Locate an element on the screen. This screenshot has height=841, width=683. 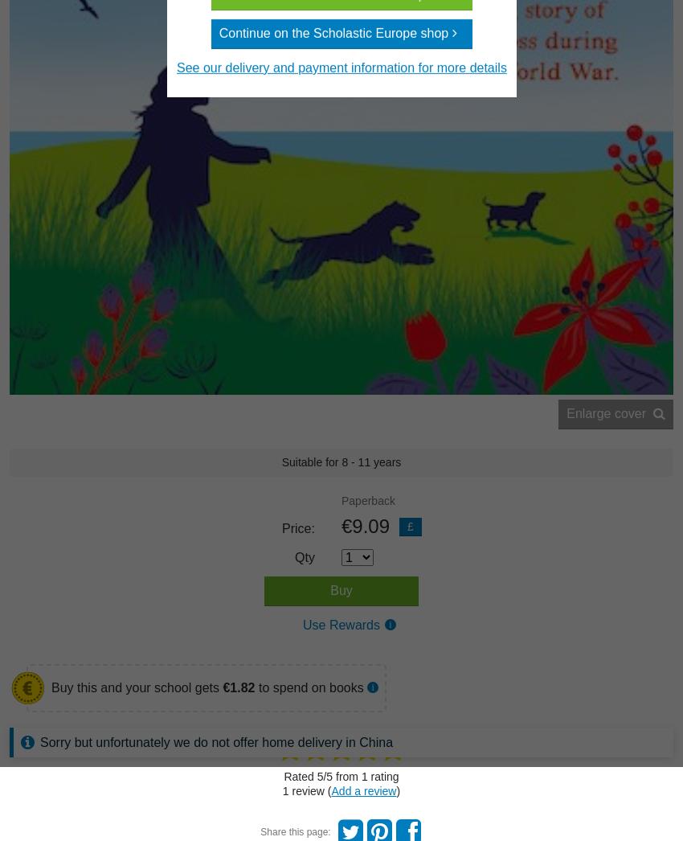
'Suitable for 8 - 11 years' is located at coordinates (341, 461).